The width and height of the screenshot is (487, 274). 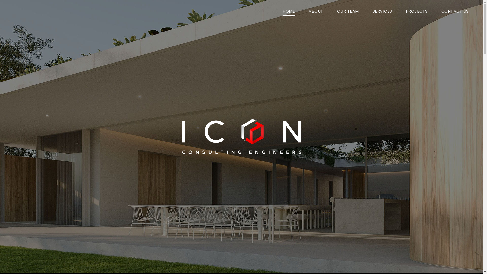 What do you see at coordinates (348, 11) in the screenshot?
I see `'OUR TEAM'` at bounding box center [348, 11].